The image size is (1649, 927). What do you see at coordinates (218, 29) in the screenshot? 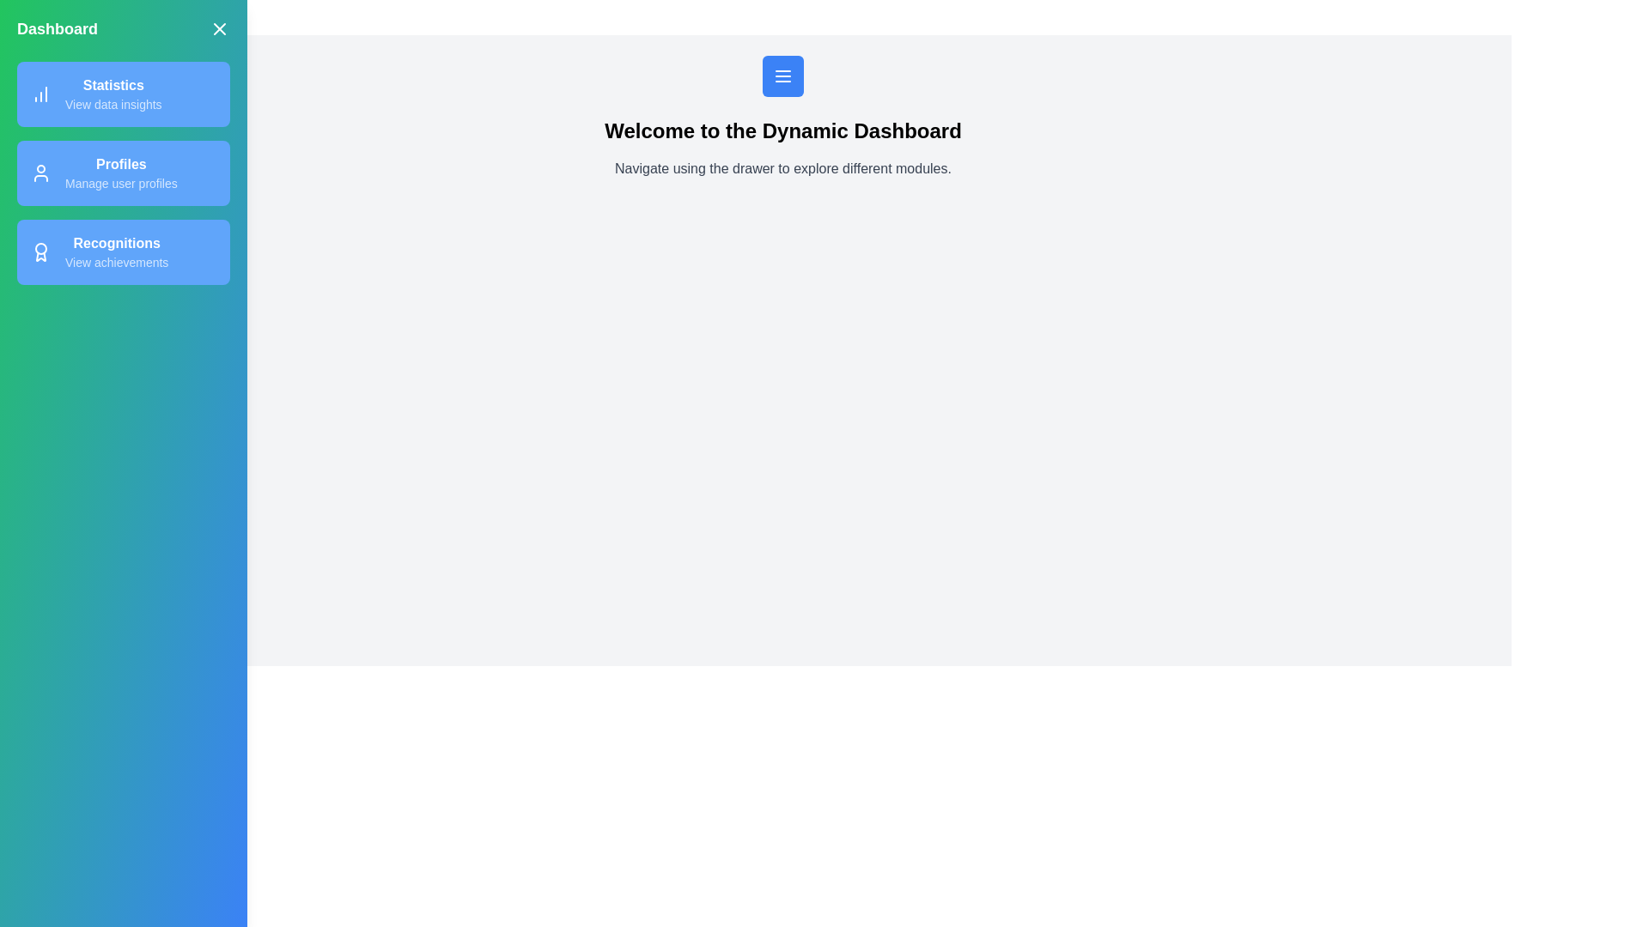
I see `the toggle button to change the visibility state of the dashboard drawer` at bounding box center [218, 29].